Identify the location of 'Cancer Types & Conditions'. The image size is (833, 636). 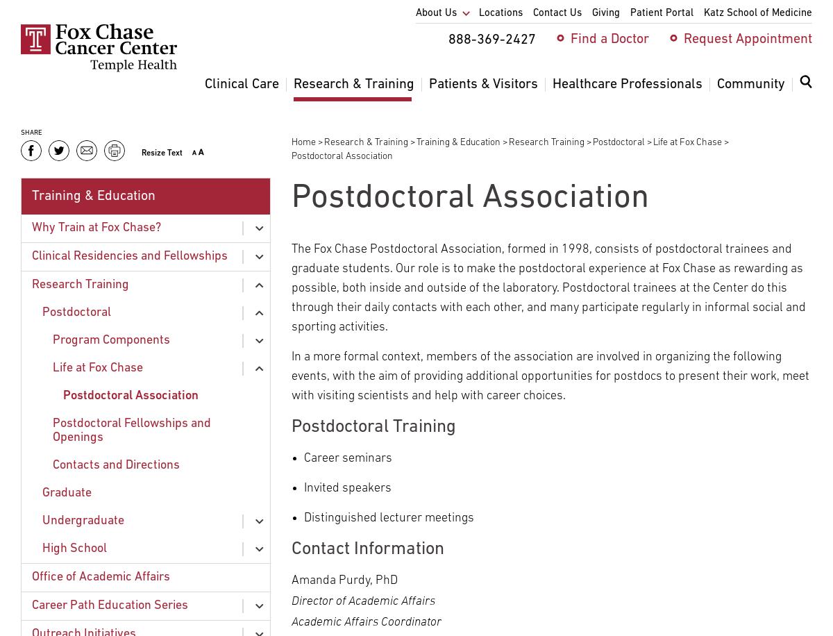
(283, 151).